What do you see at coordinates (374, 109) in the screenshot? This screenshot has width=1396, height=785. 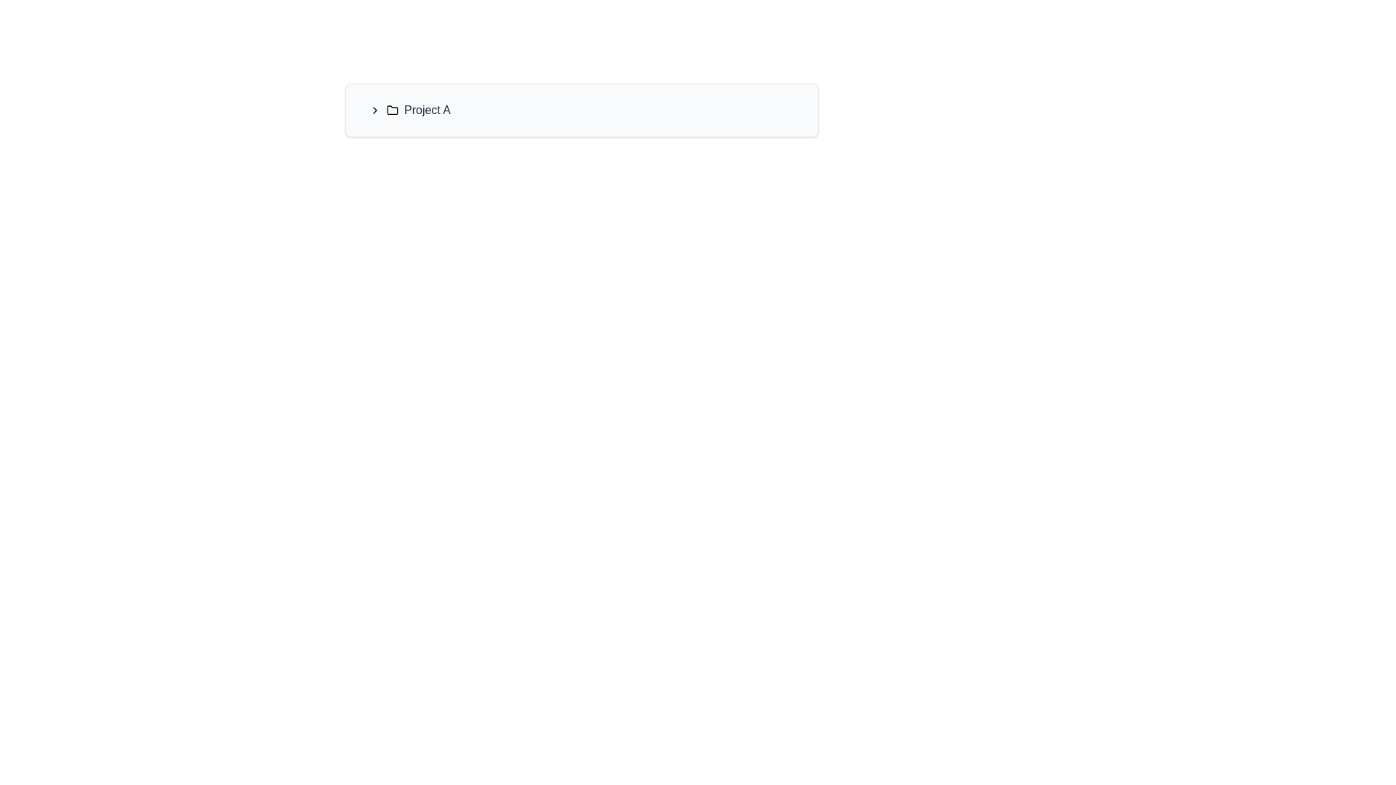 I see `the leftmost chevron icon with a black stroke and transparent fill, which is part of a horizontal arrangement containing the text 'Project A'` at bounding box center [374, 109].